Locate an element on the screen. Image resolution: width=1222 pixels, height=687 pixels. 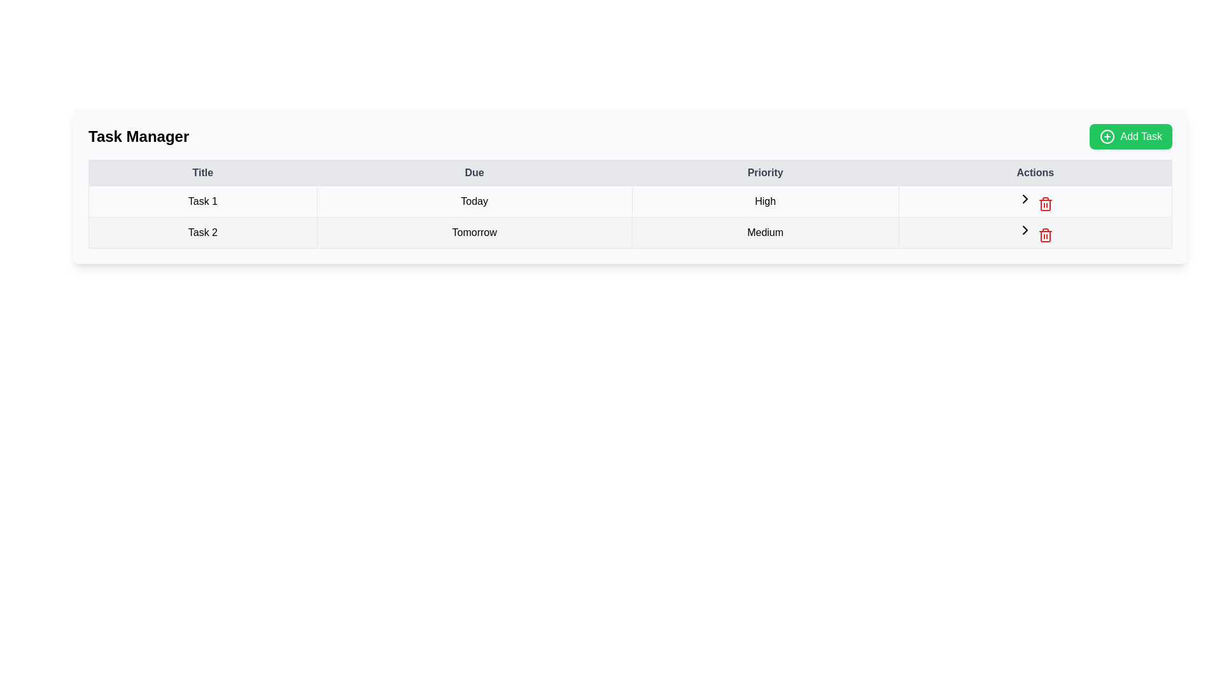
the delete button icon in the 'Actions' column of the second row (Task 2) in the table to change its color is located at coordinates (1045, 235).